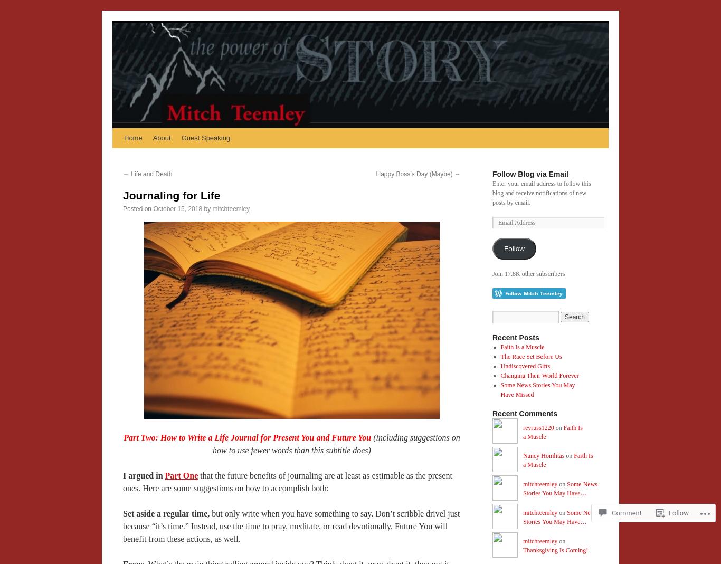 Image resolution: width=721 pixels, height=564 pixels. Describe the element at coordinates (181, 475) in the screenshot. I see `'Part One'` at that location.